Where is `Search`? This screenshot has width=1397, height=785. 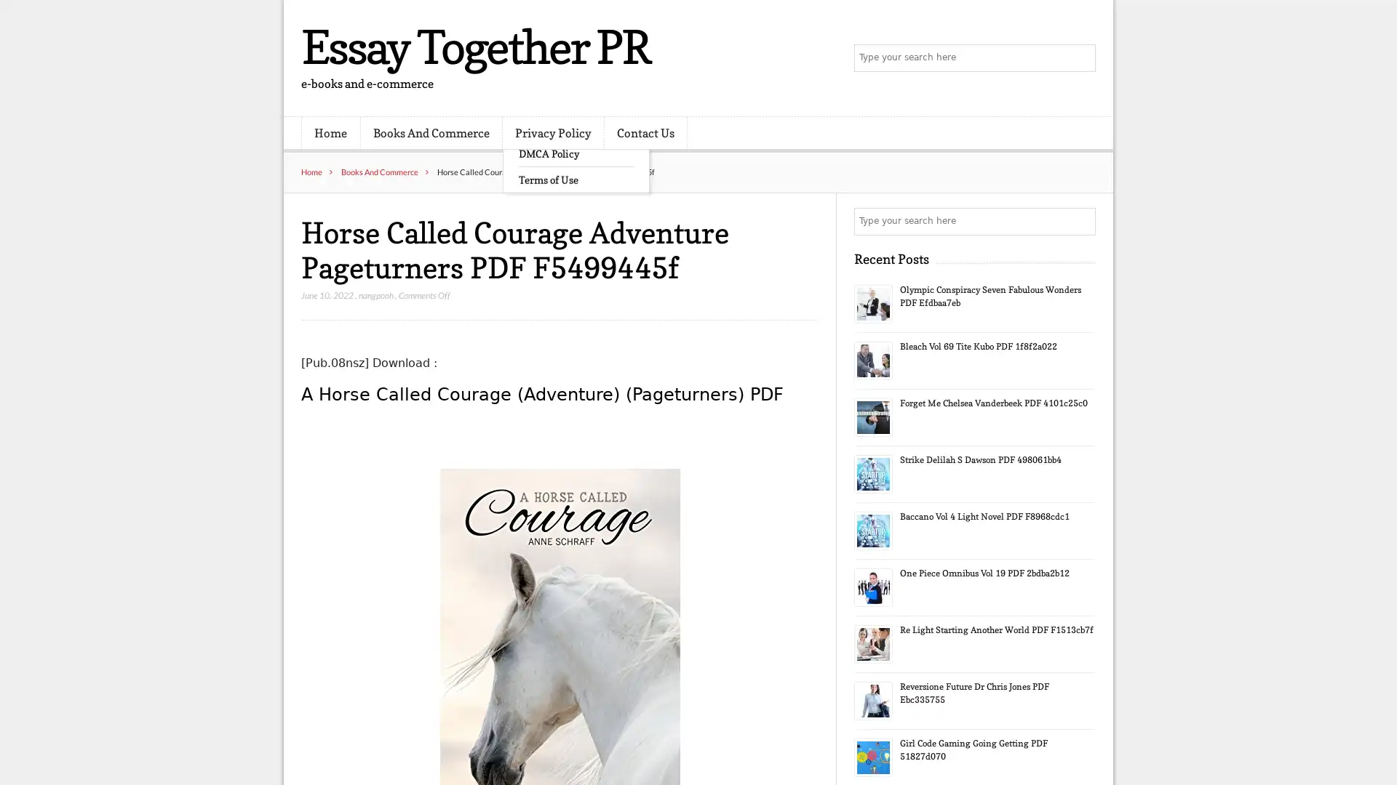
Search is located at coordinates (1080, 58).